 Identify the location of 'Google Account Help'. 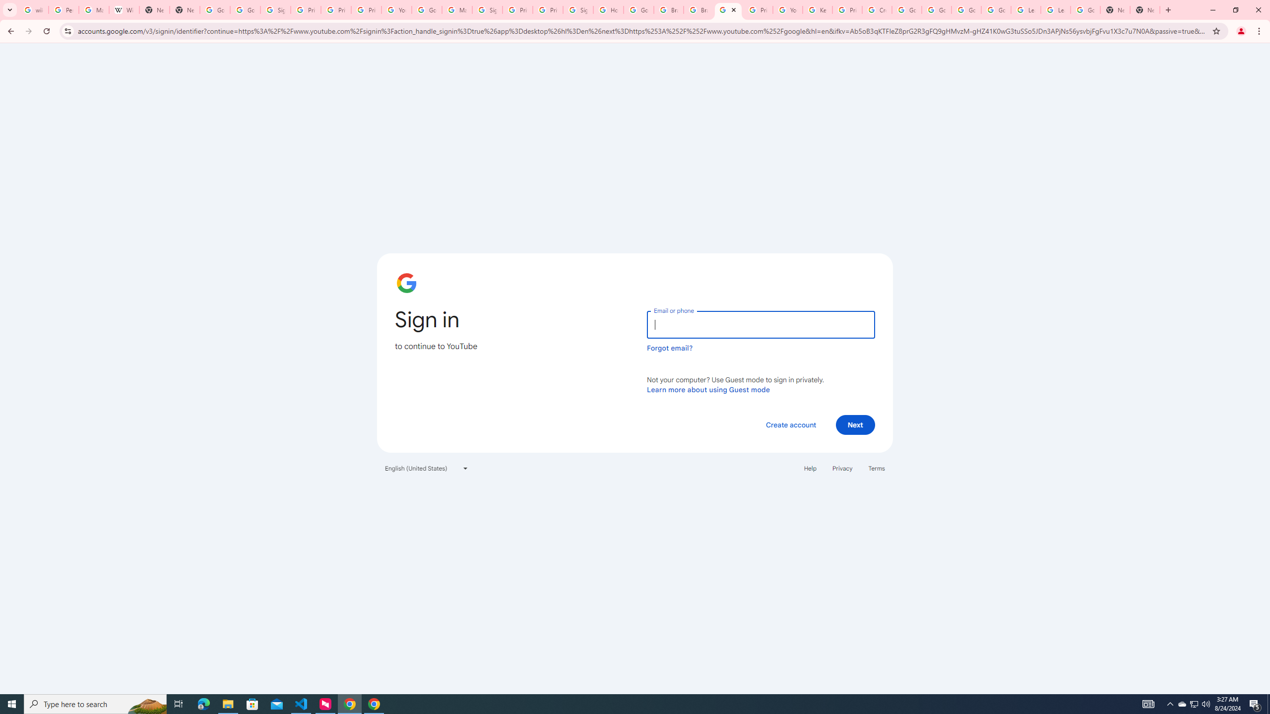
(906, 9).